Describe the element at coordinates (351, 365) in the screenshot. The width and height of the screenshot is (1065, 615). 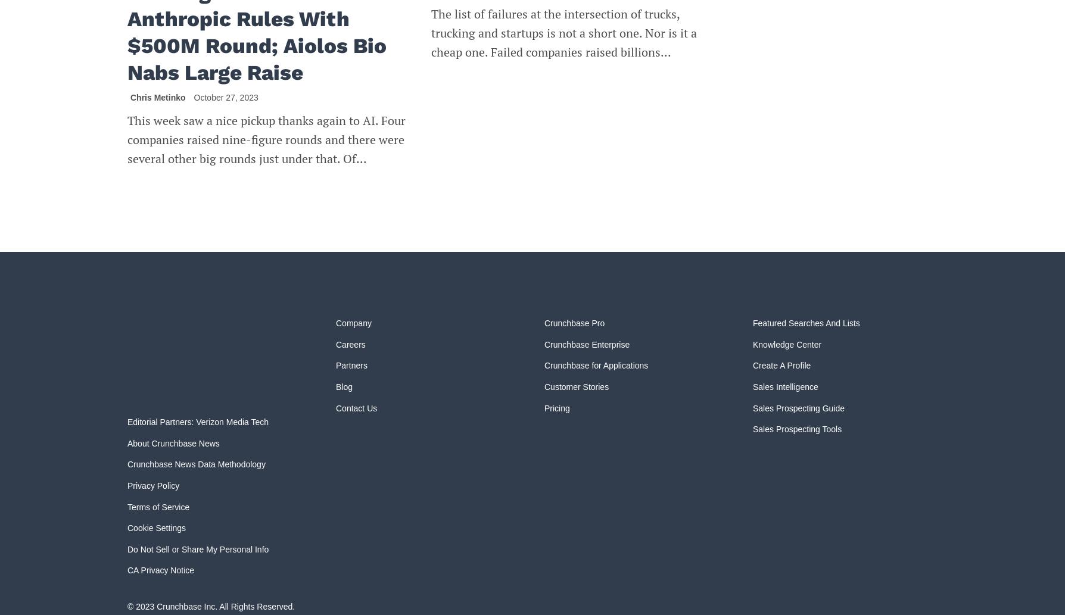
I see `'Partners'` at that location.